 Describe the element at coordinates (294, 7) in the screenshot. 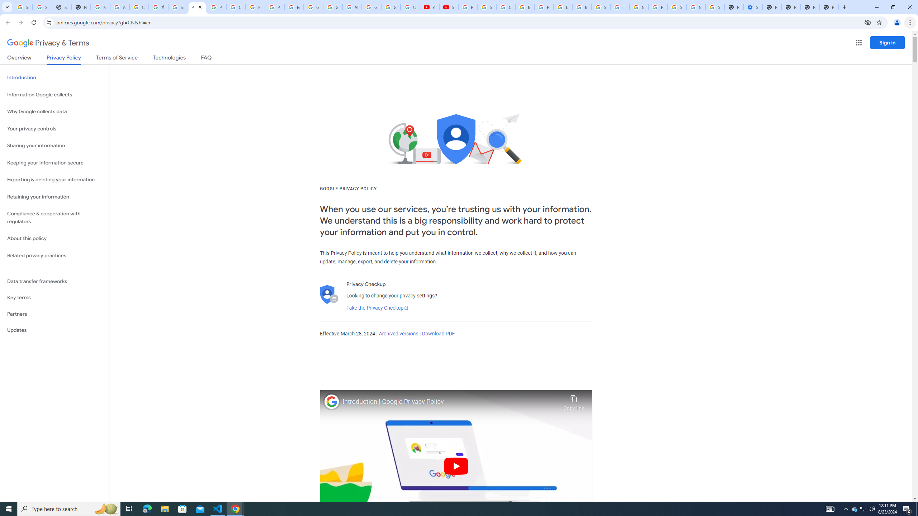

I see `'Edit and view right-to-left text - Google Docs Editors Help'` at that location.